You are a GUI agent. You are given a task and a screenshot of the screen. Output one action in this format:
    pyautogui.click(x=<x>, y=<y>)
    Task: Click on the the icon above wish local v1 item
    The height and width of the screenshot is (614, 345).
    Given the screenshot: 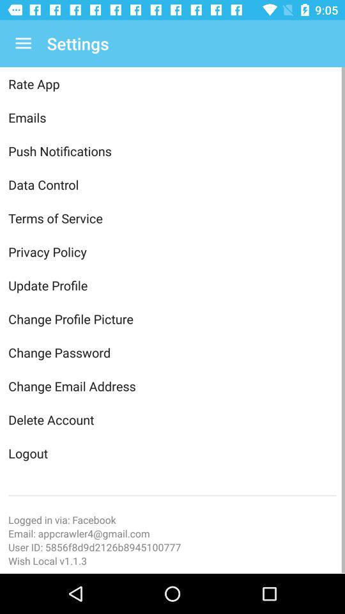 What is the action you would take?
    pyautogui.click(x=172, y=546)
    